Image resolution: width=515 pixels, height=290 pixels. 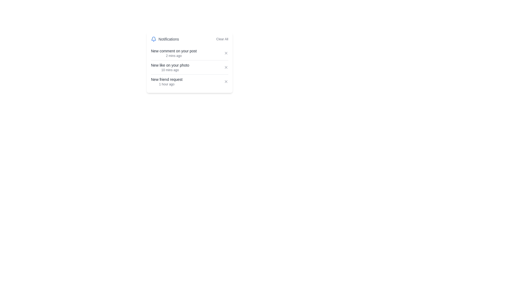 What do you see at coordinates (222, 39) in the screenshot?
I see `the 'Clear All' text label, which is styled in small gray typography and located in the top-right corner of the notification dropdown interface, to initiate clearing all notifications` at bounding box center [222, 39].